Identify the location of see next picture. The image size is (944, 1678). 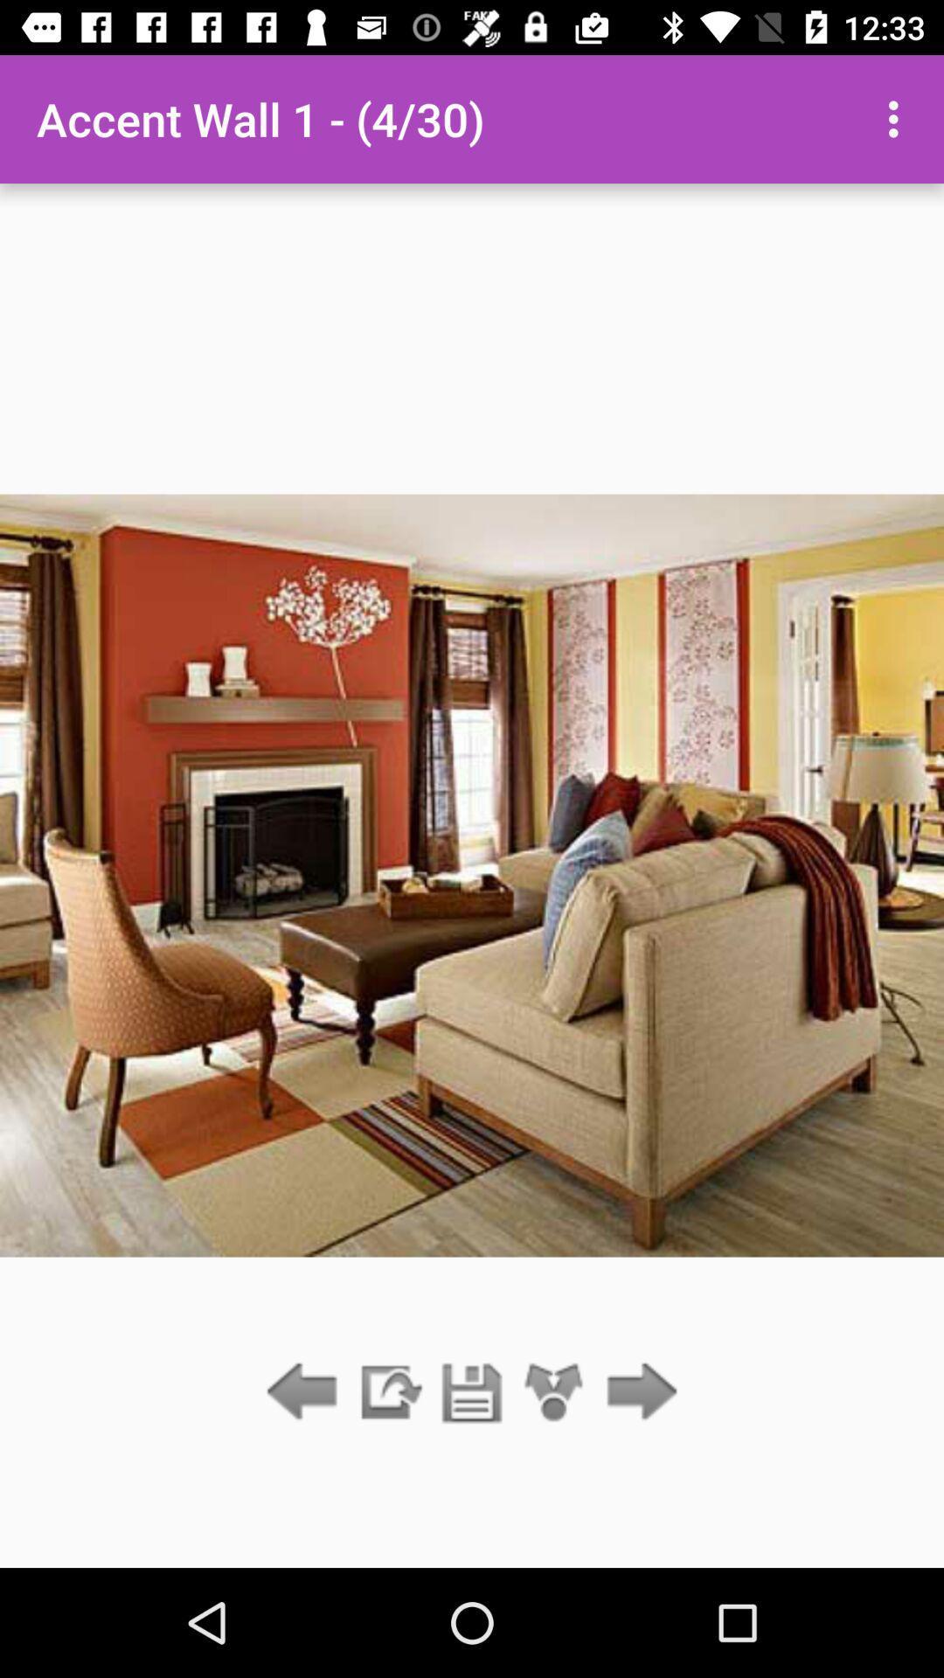
(637, 1392).